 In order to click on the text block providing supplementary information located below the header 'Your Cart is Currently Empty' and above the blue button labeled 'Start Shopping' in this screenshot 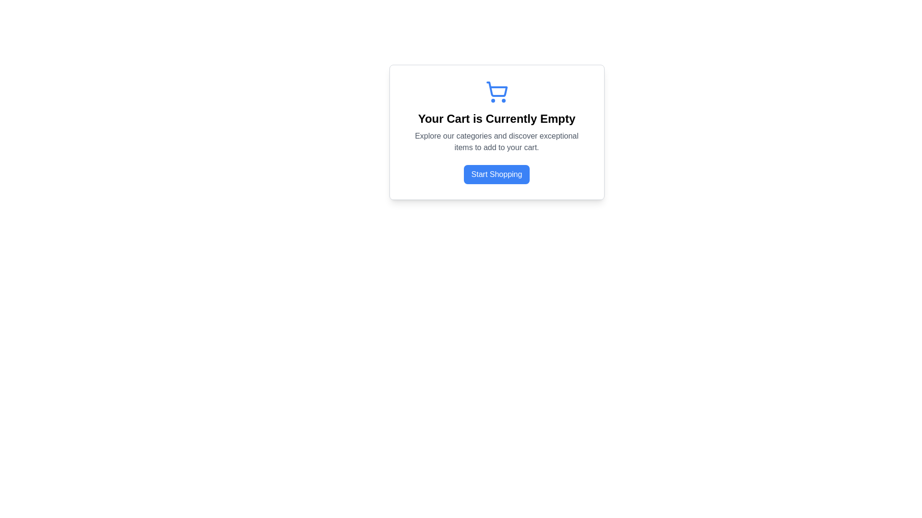, I will do `click(497, 142)`.